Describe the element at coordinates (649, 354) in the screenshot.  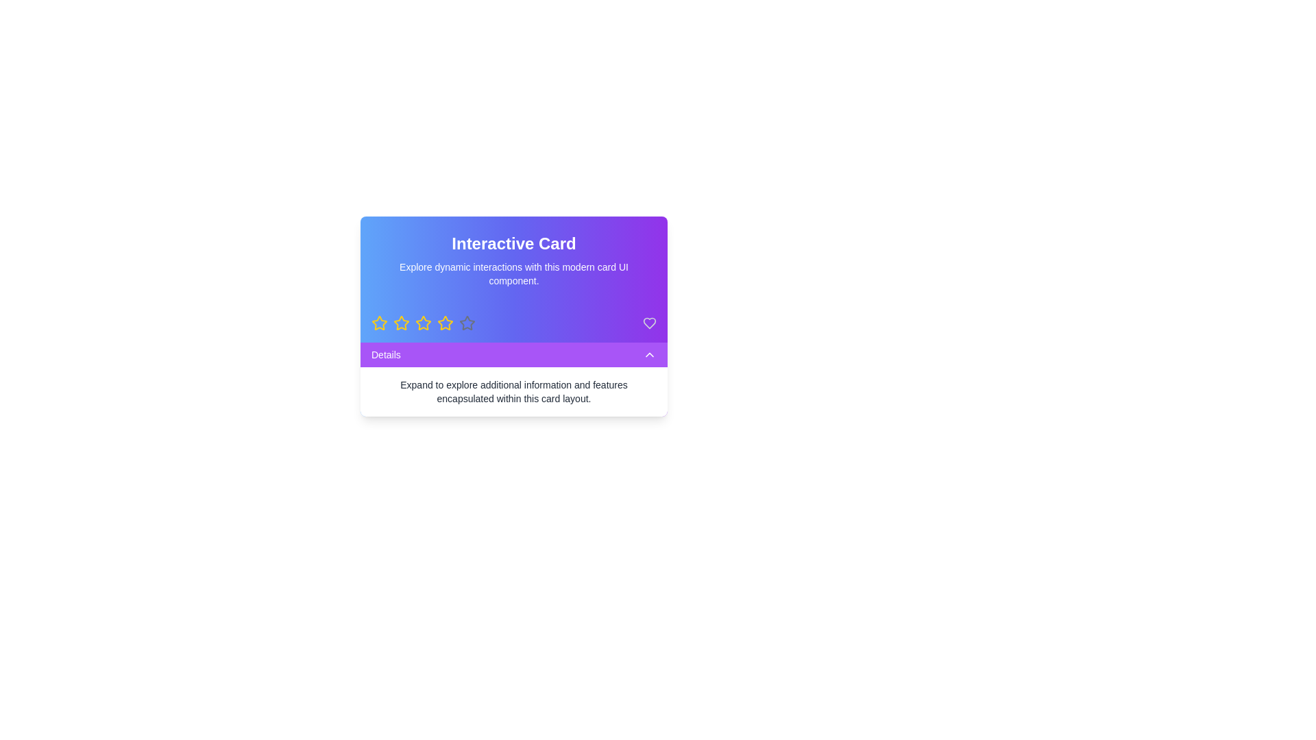
I see `the chevron icon located to the far-right inside the 'Details' purple bar` at that location.